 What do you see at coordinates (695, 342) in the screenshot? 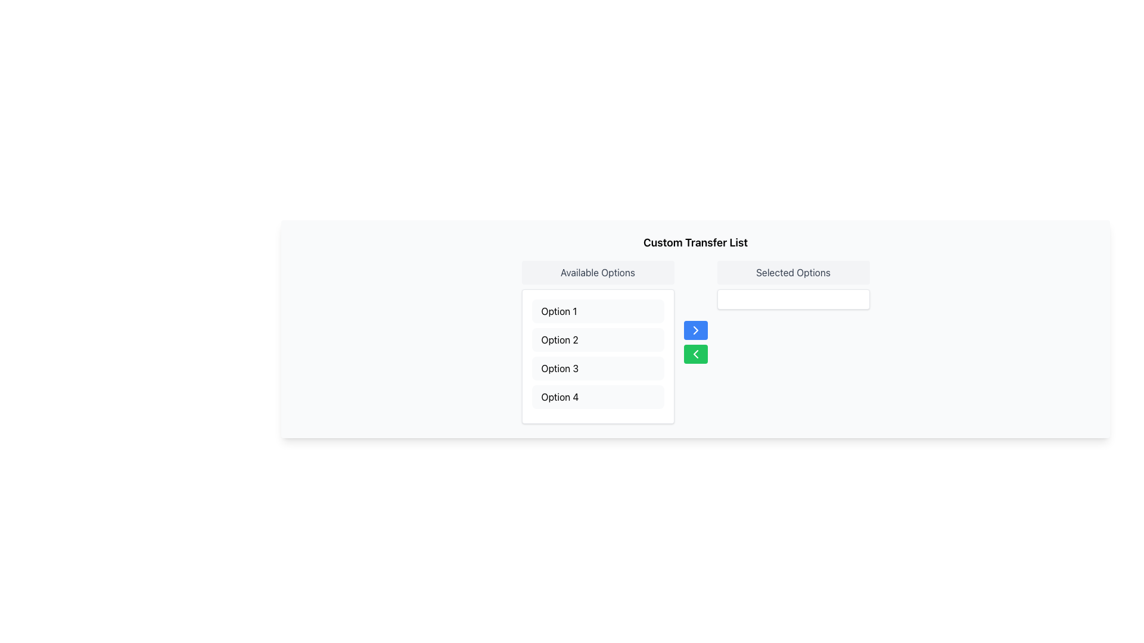
I see `the interactive panel buttons` at bounding box center [695, 342].